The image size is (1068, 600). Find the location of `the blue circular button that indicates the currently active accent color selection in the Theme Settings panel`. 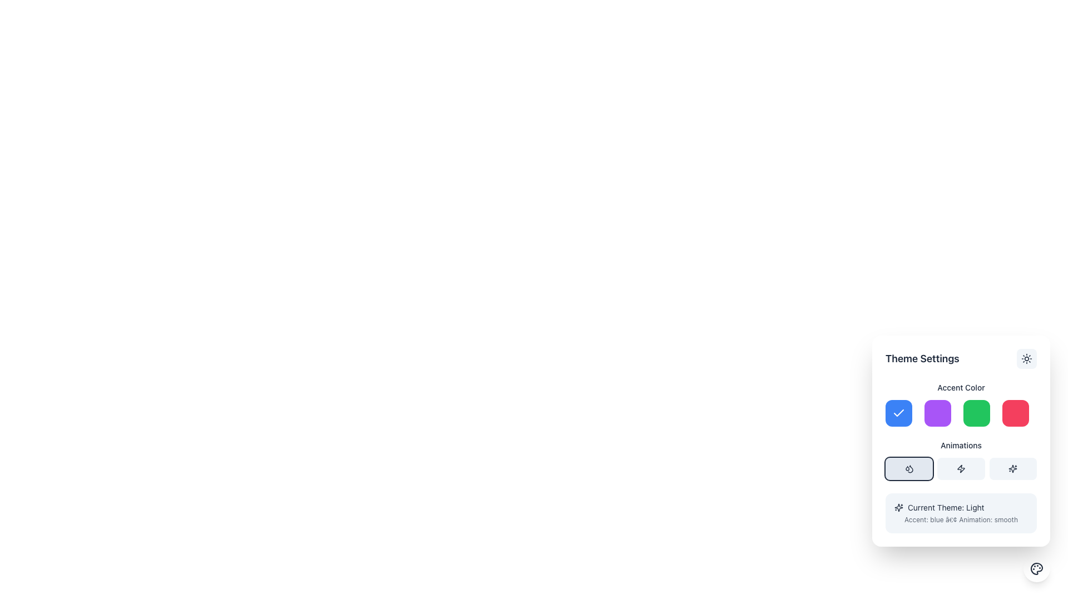

the blue circular button that indicates the currently active accent color selection in the Theme Settings panel is located at coordinates (899, 413).